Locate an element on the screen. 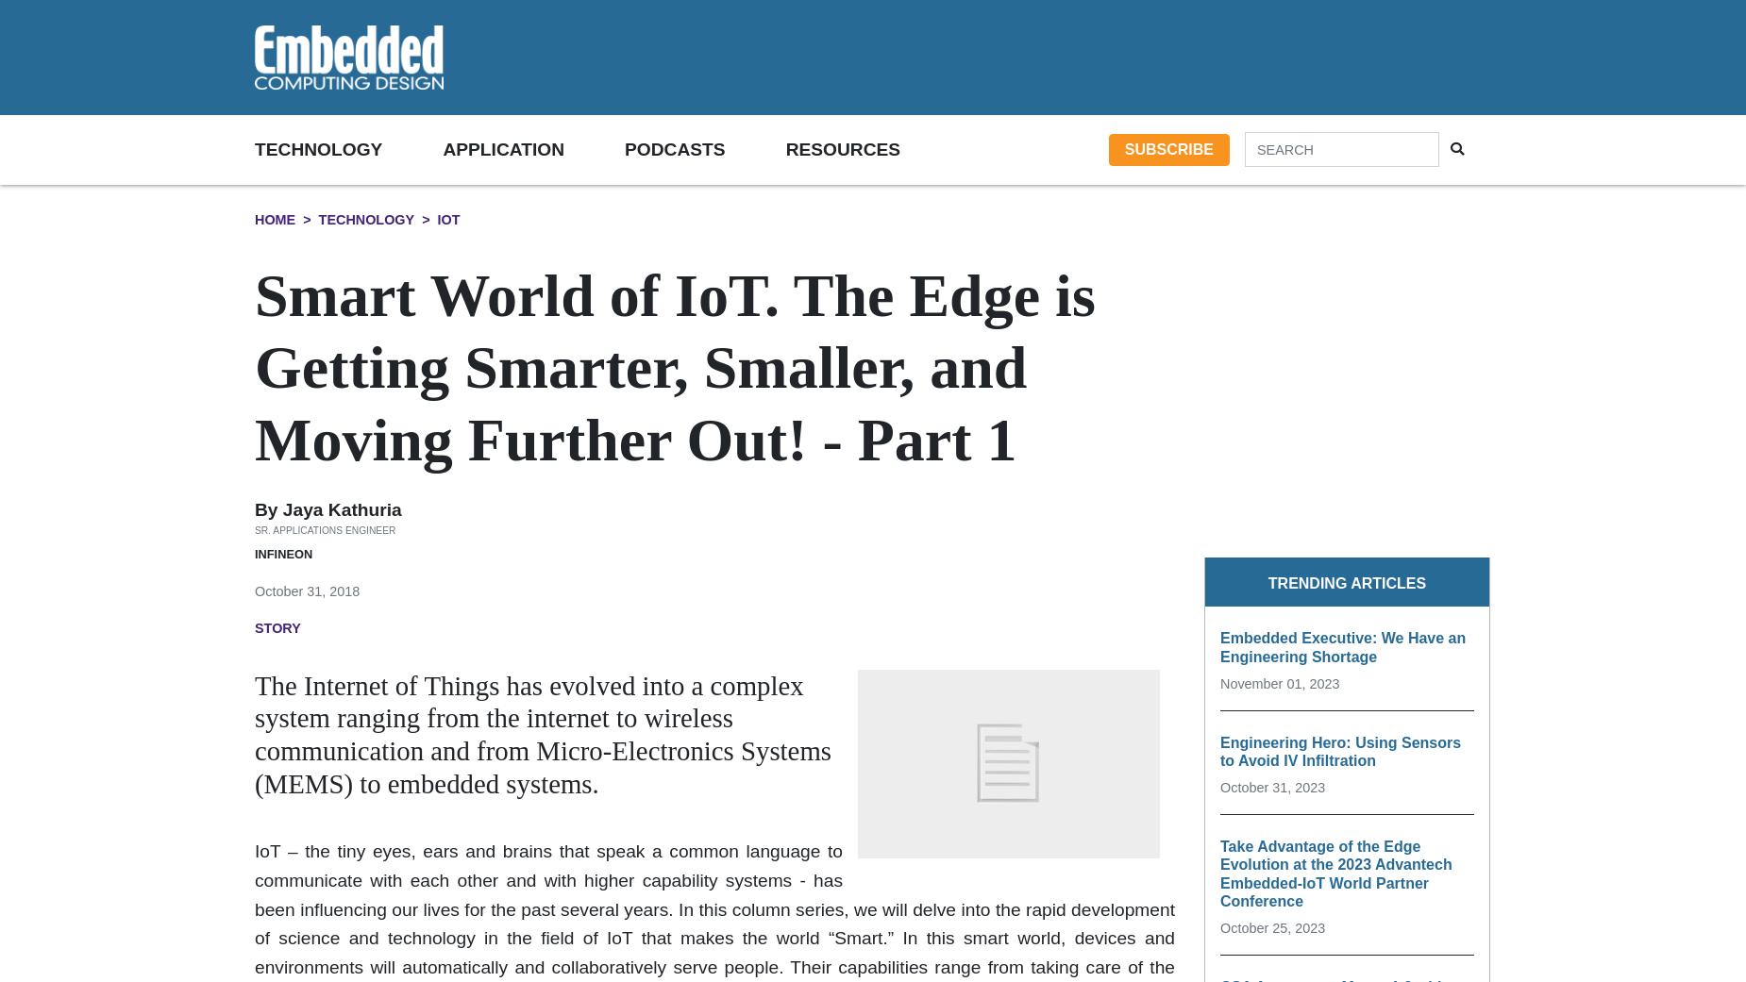 The image size is (1746, 982). 'Podcasts' is located at coordinates (675, 149).